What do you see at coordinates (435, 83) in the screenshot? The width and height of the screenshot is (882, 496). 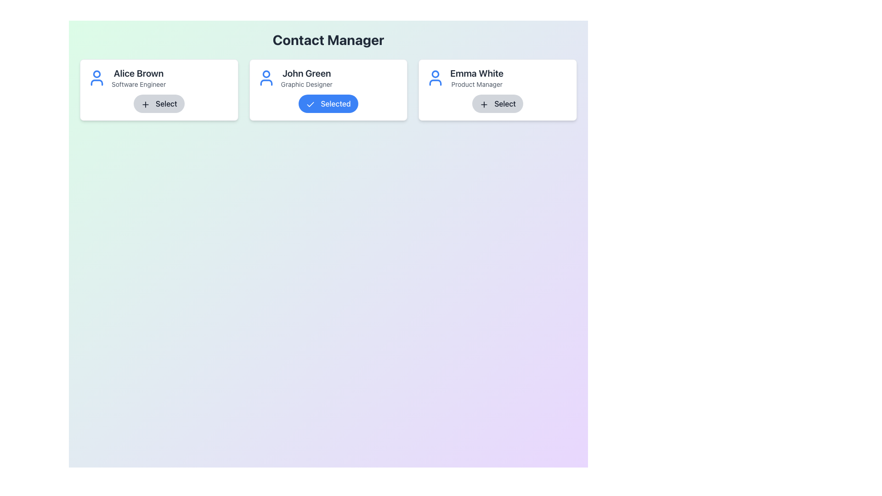 I see `the semicircular arc shape representing the shoulders or torso of the user icon within the profile of 'Emma White, Product Manager'` at bounding box center [435, 83].